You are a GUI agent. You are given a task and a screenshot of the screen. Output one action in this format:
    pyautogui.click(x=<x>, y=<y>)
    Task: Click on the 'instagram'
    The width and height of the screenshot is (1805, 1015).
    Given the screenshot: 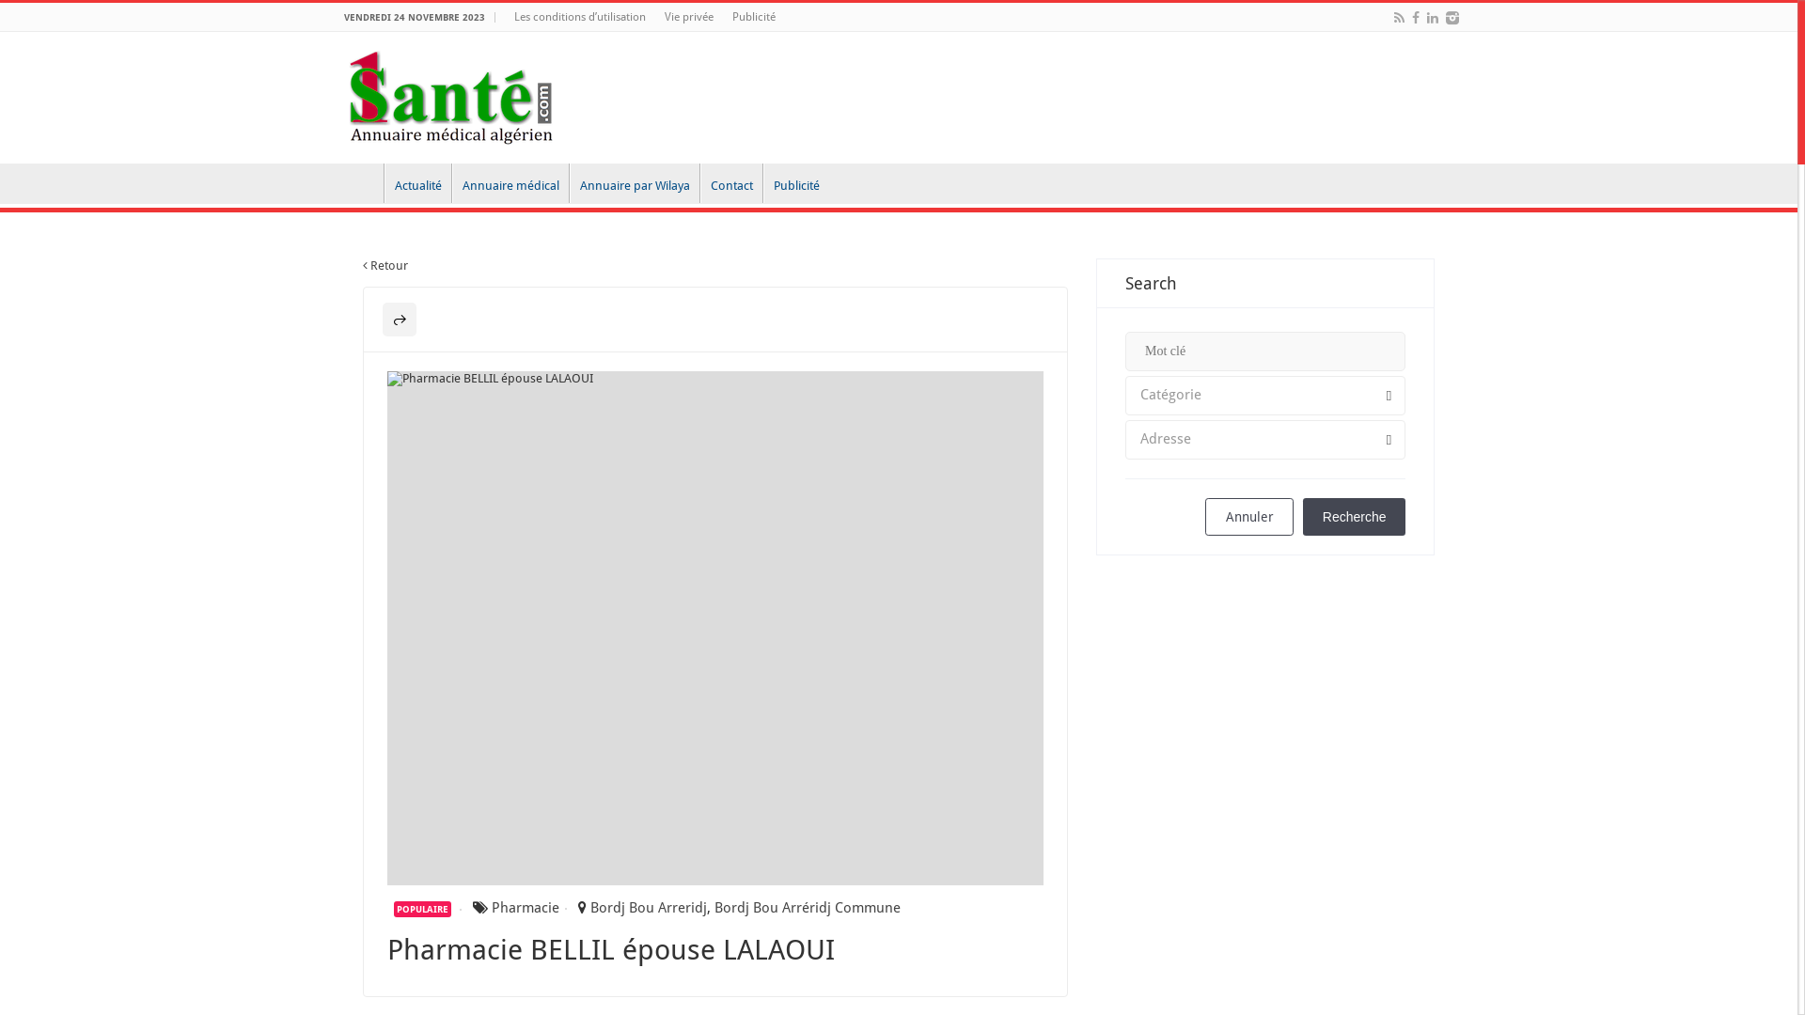 What is the action you would take?
    pyautogui.click(x=1452, y=18)
    